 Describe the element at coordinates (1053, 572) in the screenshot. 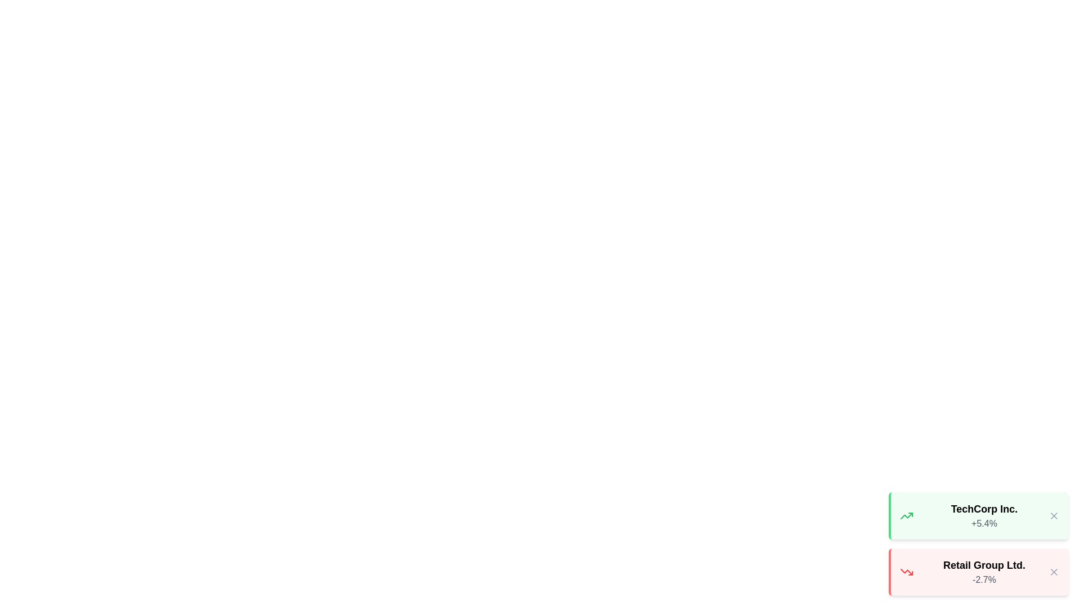

I see `the close button of the notification for Retail Group Ltd` at that location.